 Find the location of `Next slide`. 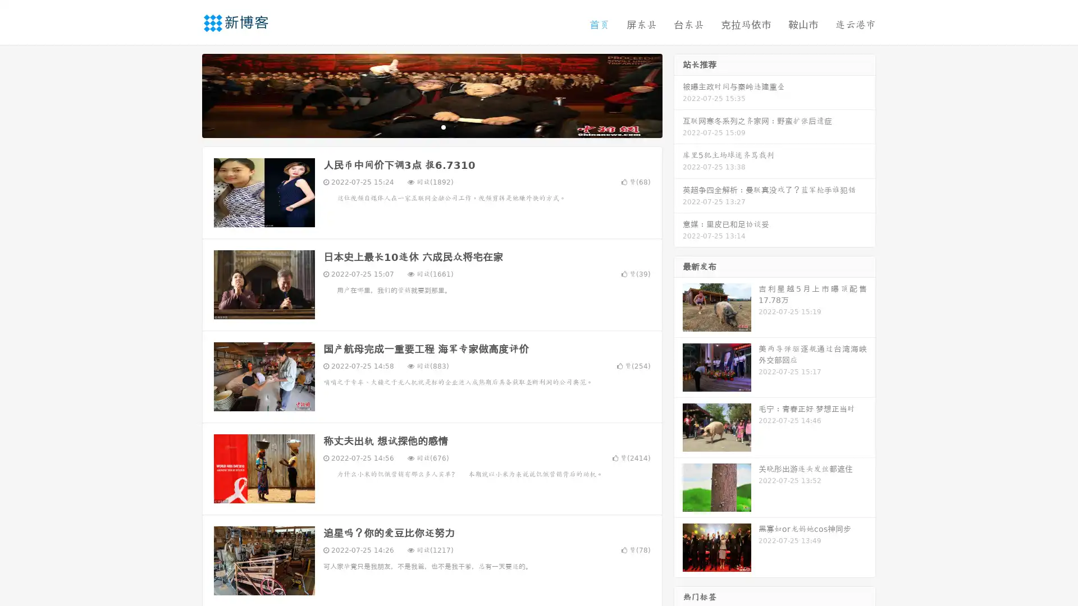

Next slide is located at coordinates (678, 94).